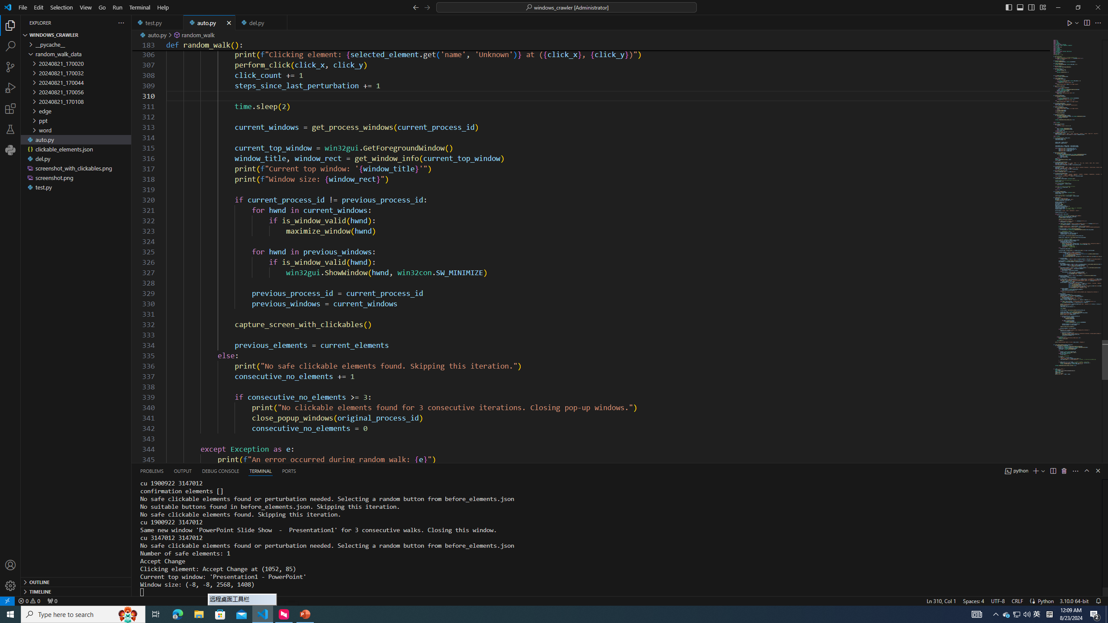 This screenshot has width=1108, height=623. What do you see at coordinates (427, 6) in the screenshot?
I see `'Go Forward (Alt+RightArrow)'` at bounding box center [427, 6].